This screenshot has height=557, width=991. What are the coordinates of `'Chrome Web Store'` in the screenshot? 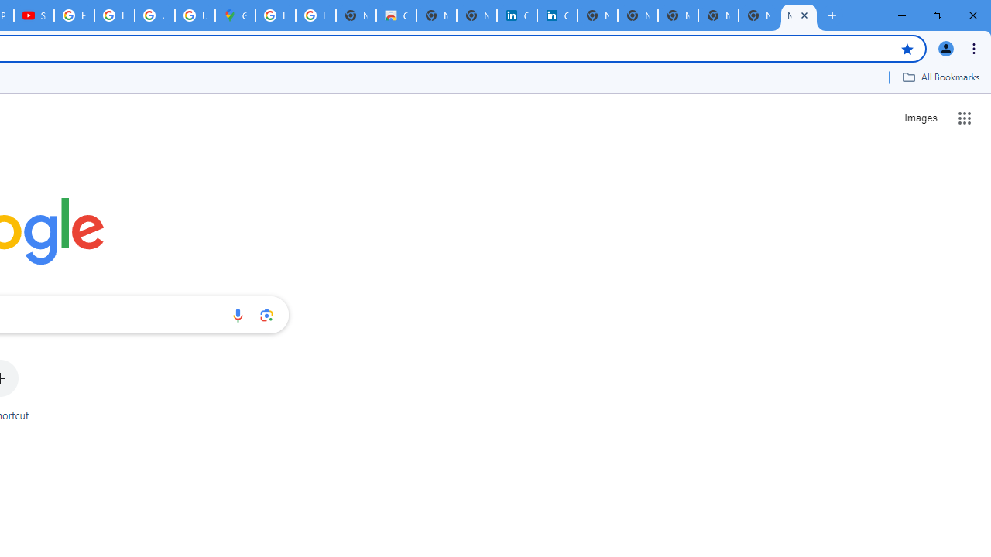 It's located at (396, 15).